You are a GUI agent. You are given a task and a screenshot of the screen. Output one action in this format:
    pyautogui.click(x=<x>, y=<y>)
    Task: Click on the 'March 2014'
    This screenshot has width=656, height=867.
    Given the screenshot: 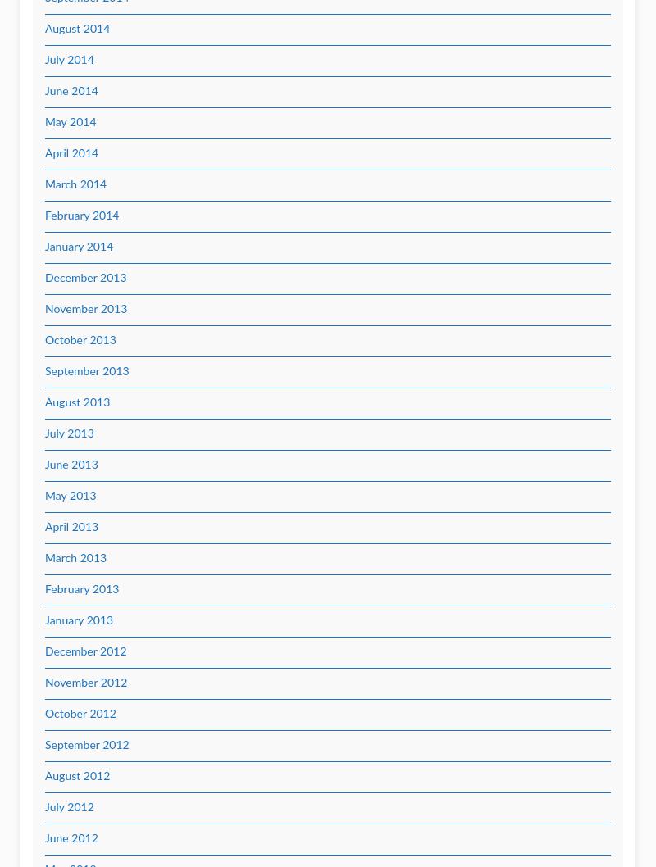 What is the action you would take?
    pyautogui.click(x=44, y=184)
    